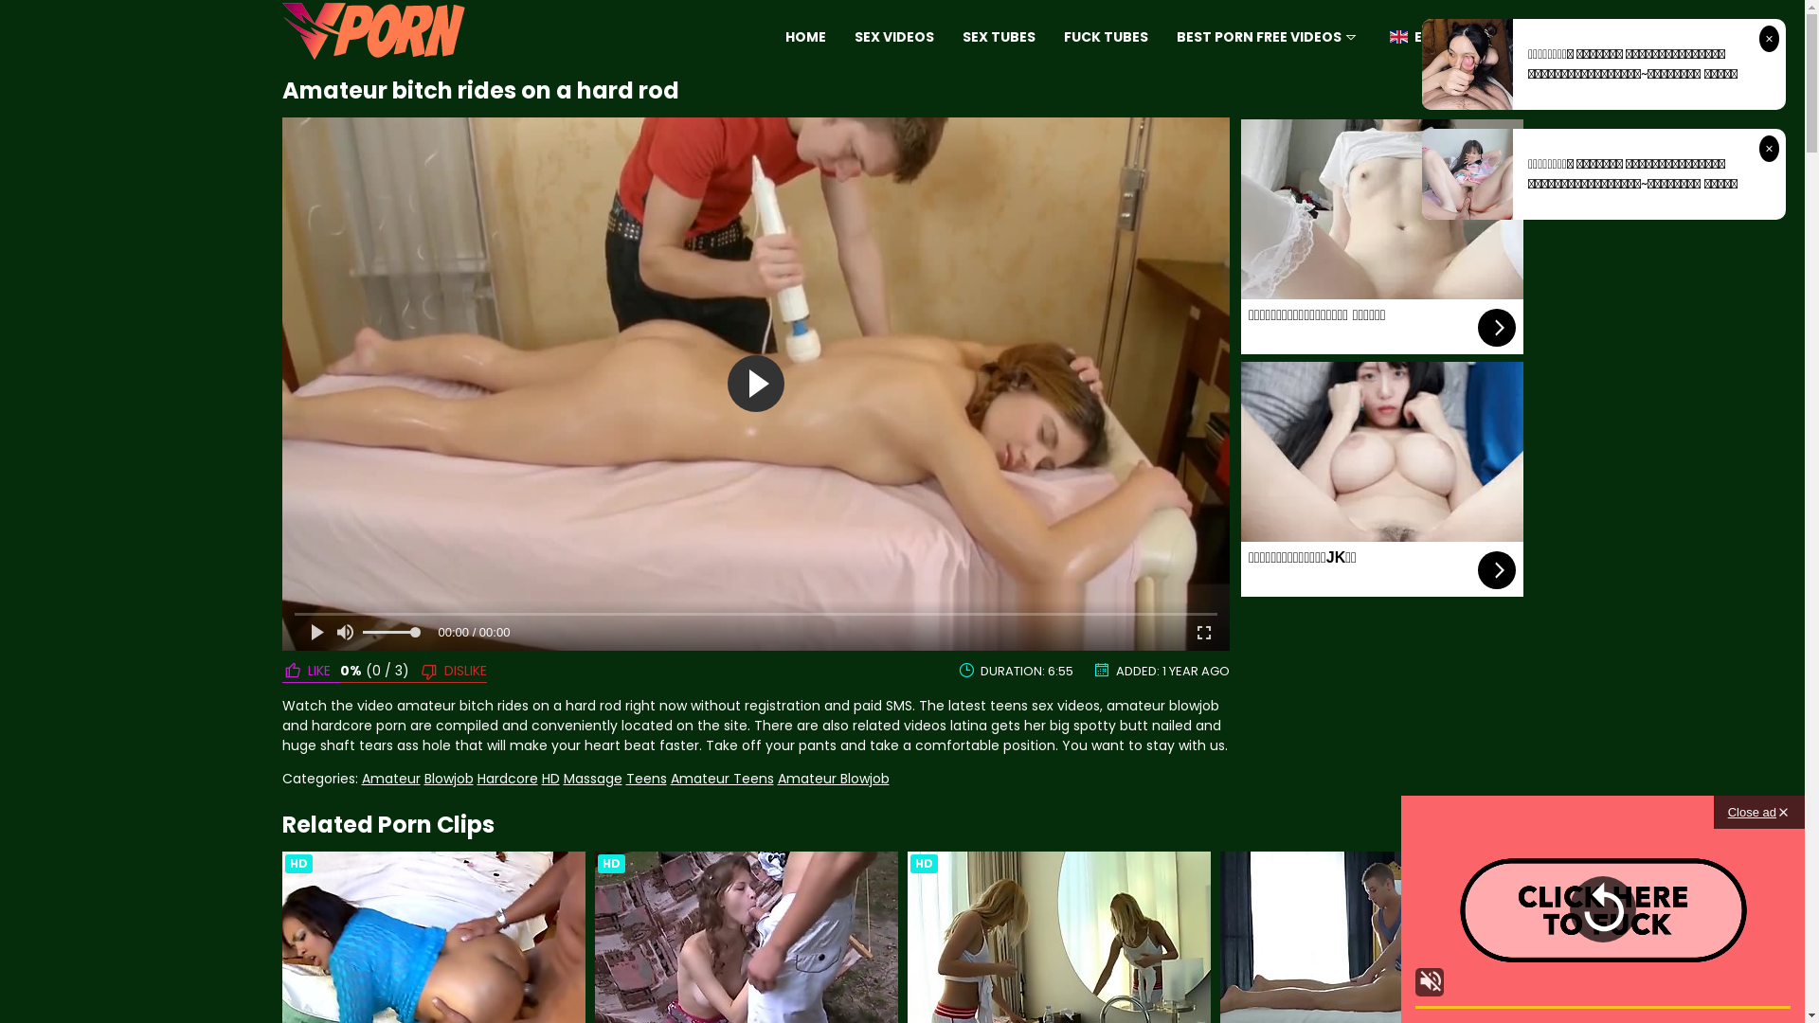  What do you see at coordinates (721, 778) in the screenshot?
I see `'Amateur Teens'` at bounding box center [721, 778].